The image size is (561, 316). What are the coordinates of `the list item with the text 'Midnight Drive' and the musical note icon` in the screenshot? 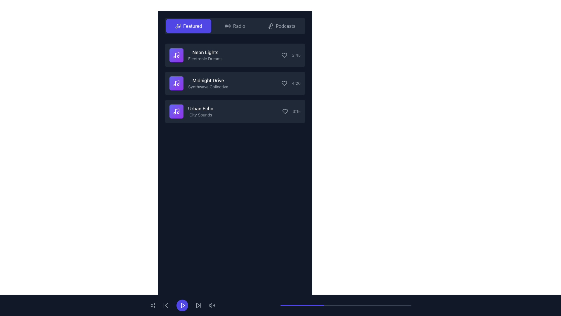 It's located at (199, 83).